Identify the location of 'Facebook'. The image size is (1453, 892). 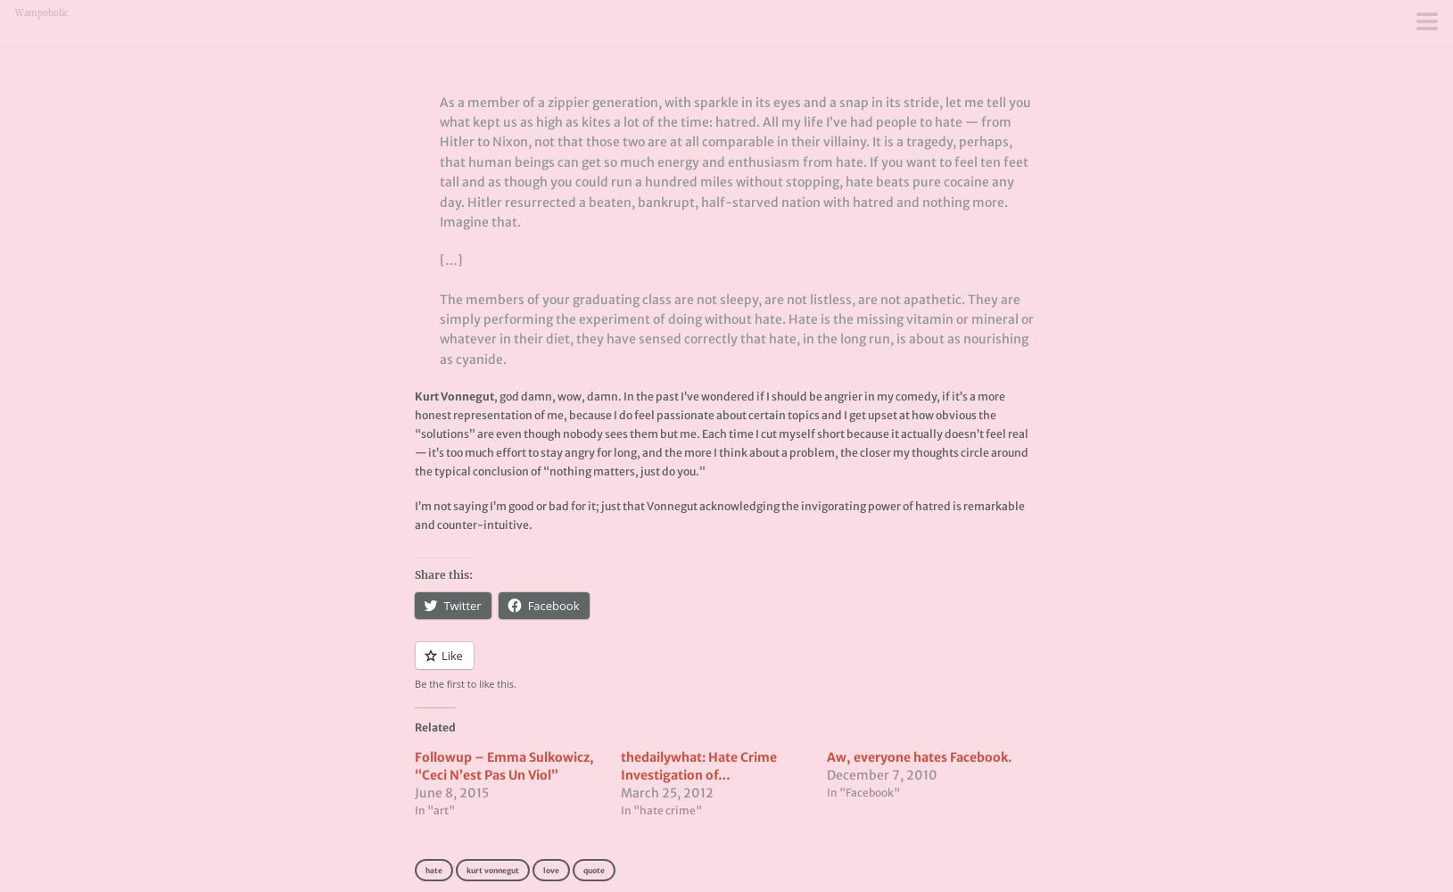
(552, 606).